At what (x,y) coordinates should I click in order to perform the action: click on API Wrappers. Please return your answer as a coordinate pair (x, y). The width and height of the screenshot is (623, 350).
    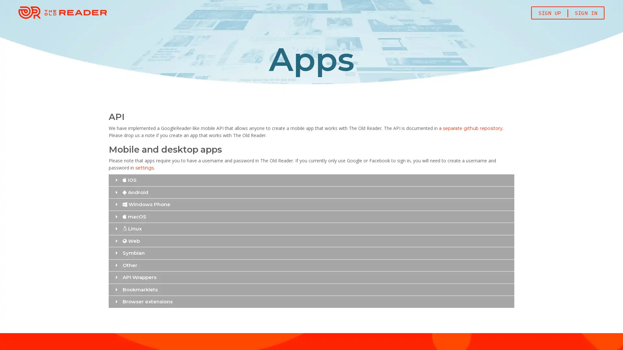
    Looking at the image, I should click on (311, 277).